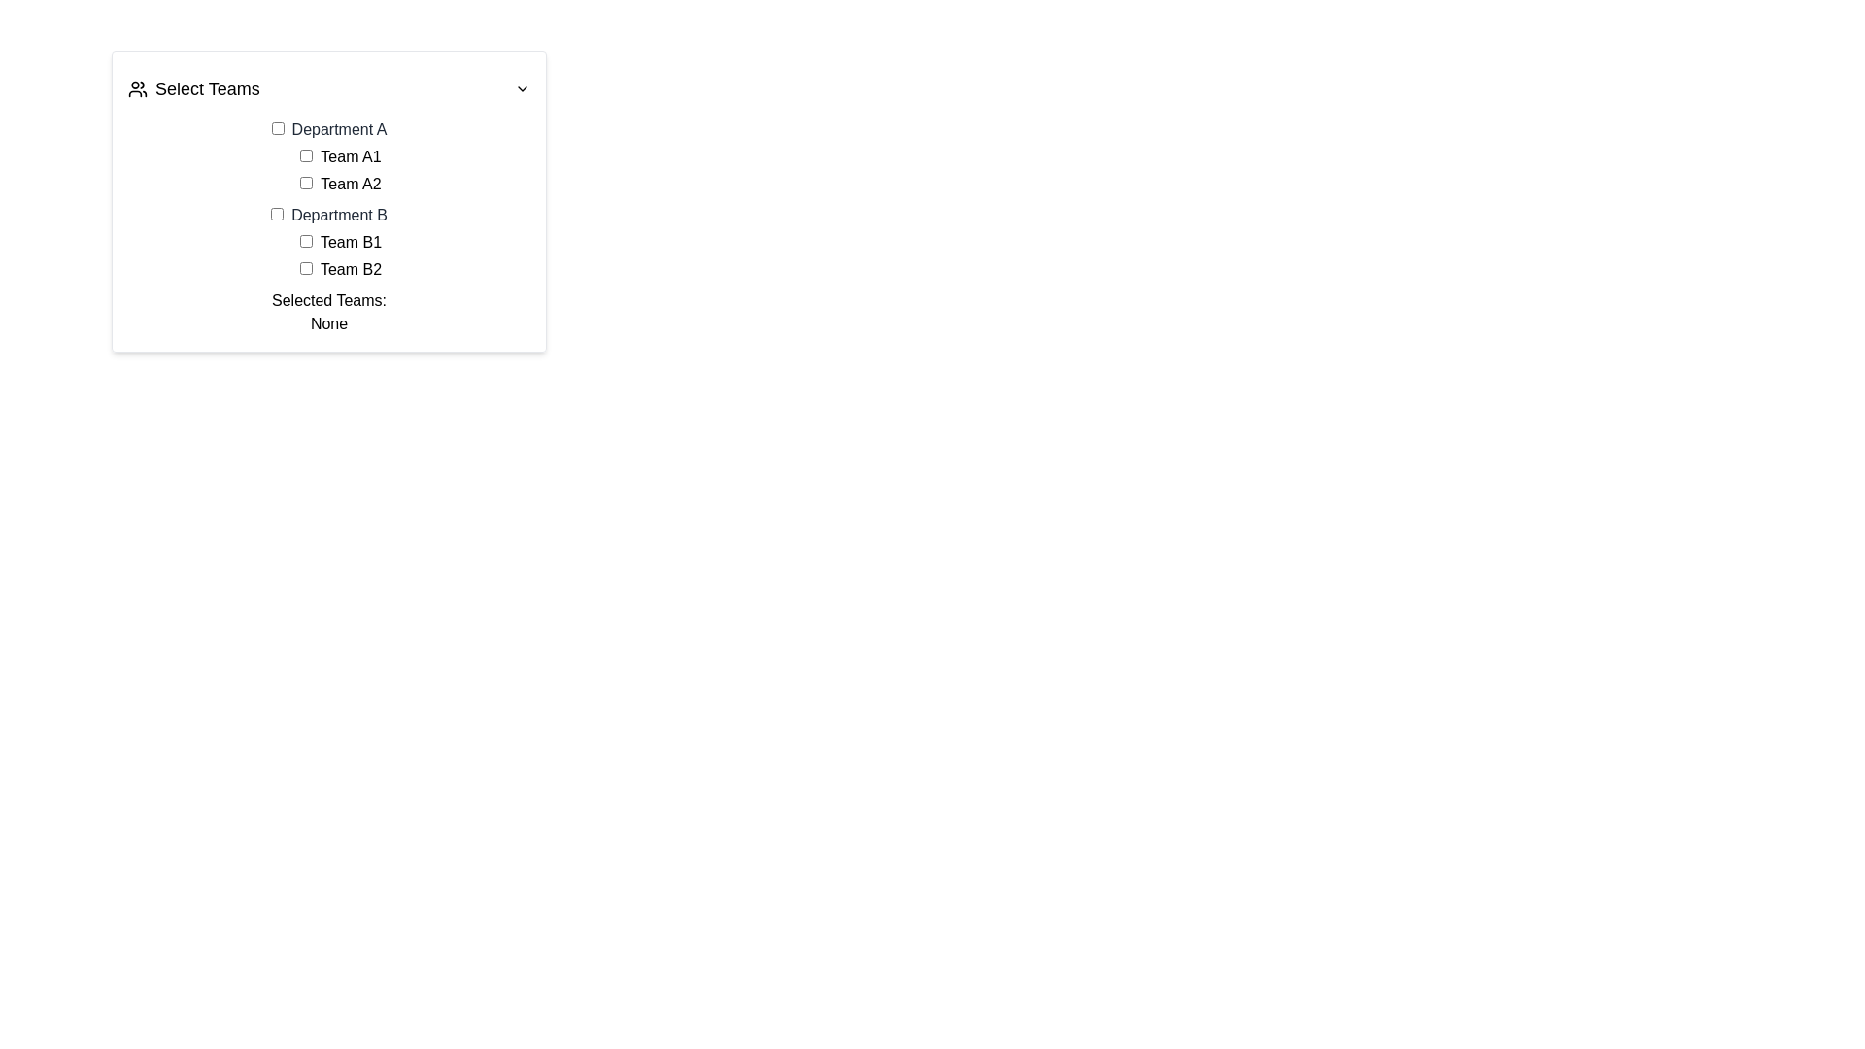 Image resolution: width=1865 pixels, height=1049 pixels. What do you see at coordinates (329, 242) in the screenshot?
I see `the checkbox associated with the sub-item 'Team B1' under the heading 'Department B'` at bounding box center [329, 242].